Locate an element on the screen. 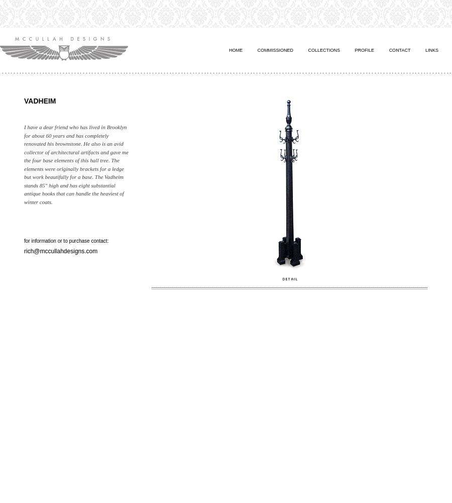 This screenshot has width=452, height=503. 'I have a dear friend who has lived in Brooklyn for about 60 years and has completely renovated his brownstone. He also is an avid collector of architectural artifacts and gave me the four base elements of this hall tree. The elements were originally brackets for a ledge but work beautifully for a base. The Vadheim stands 85" high and has eight substantial antique hooks that can handle the heaviest of winter coats.' is located at coordinates (76, 164).